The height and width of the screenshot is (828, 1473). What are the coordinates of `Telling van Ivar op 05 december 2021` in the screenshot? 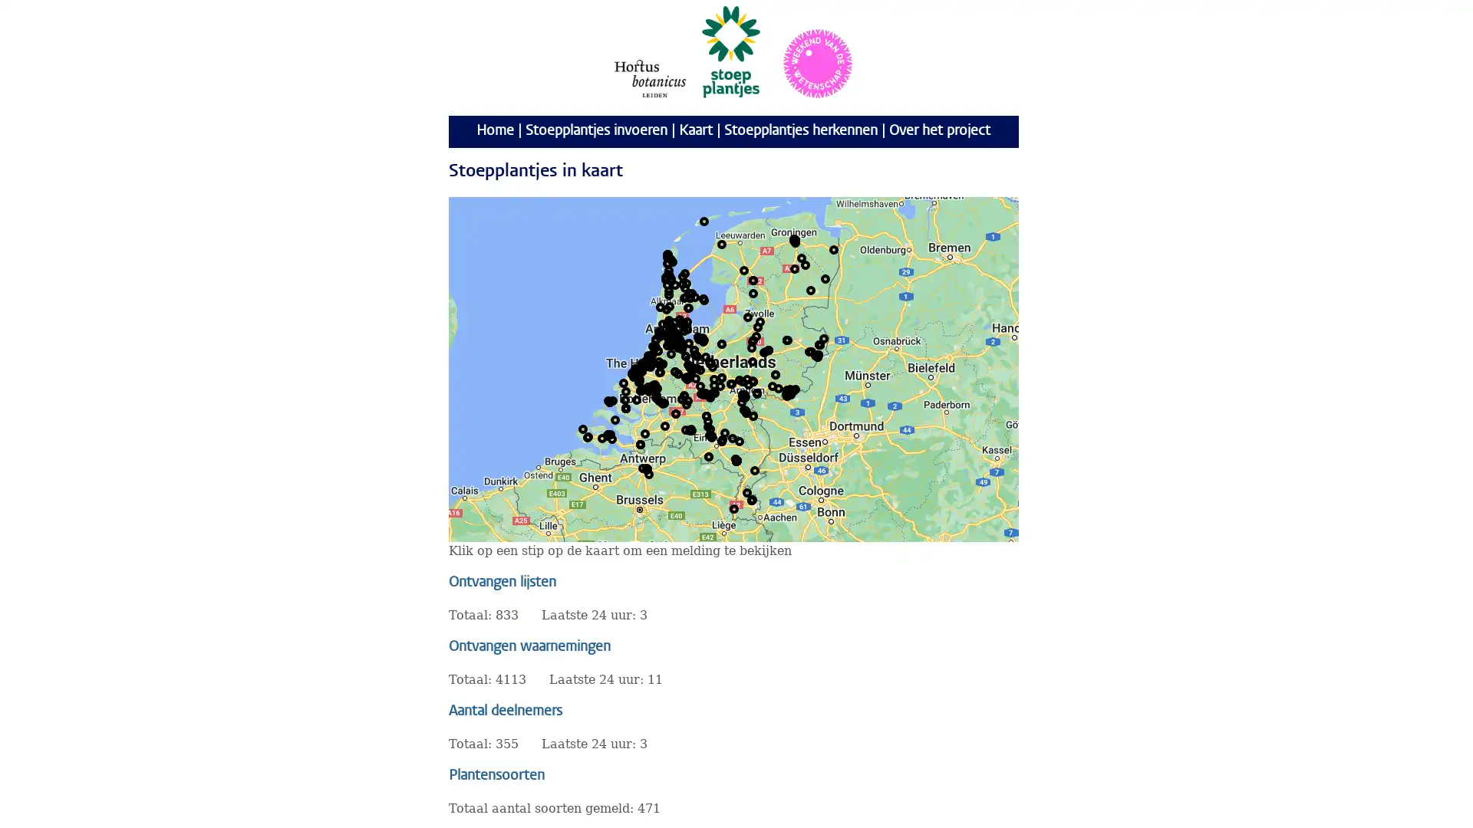 It's located at (746, 411).